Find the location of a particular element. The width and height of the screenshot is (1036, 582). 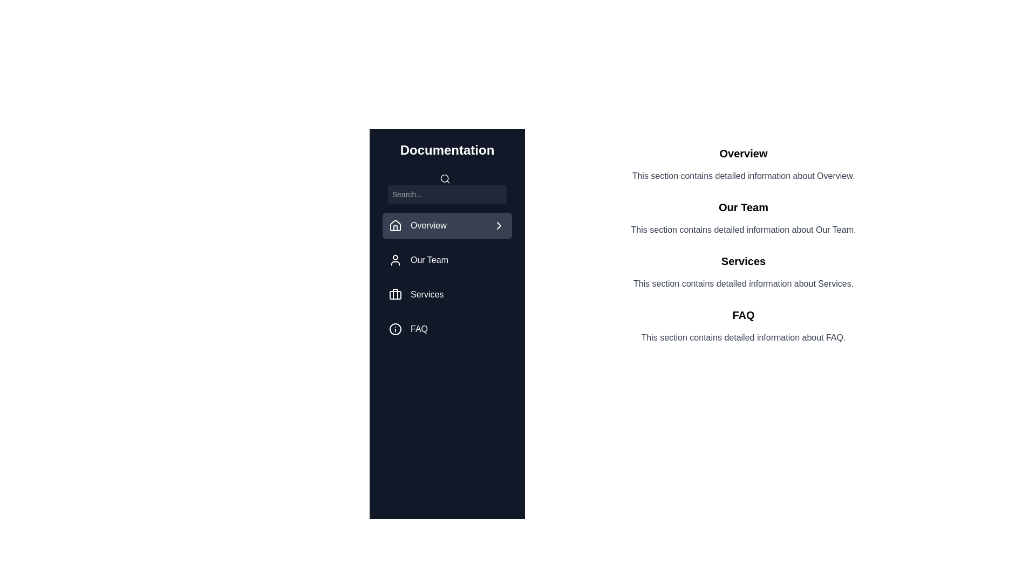

the Navigation link item located in the vertical navigation menu at the bottom, which is the fourth item listed after 'Overview', 'Our Team', and 'Services' is located at coordinates (447, 328).